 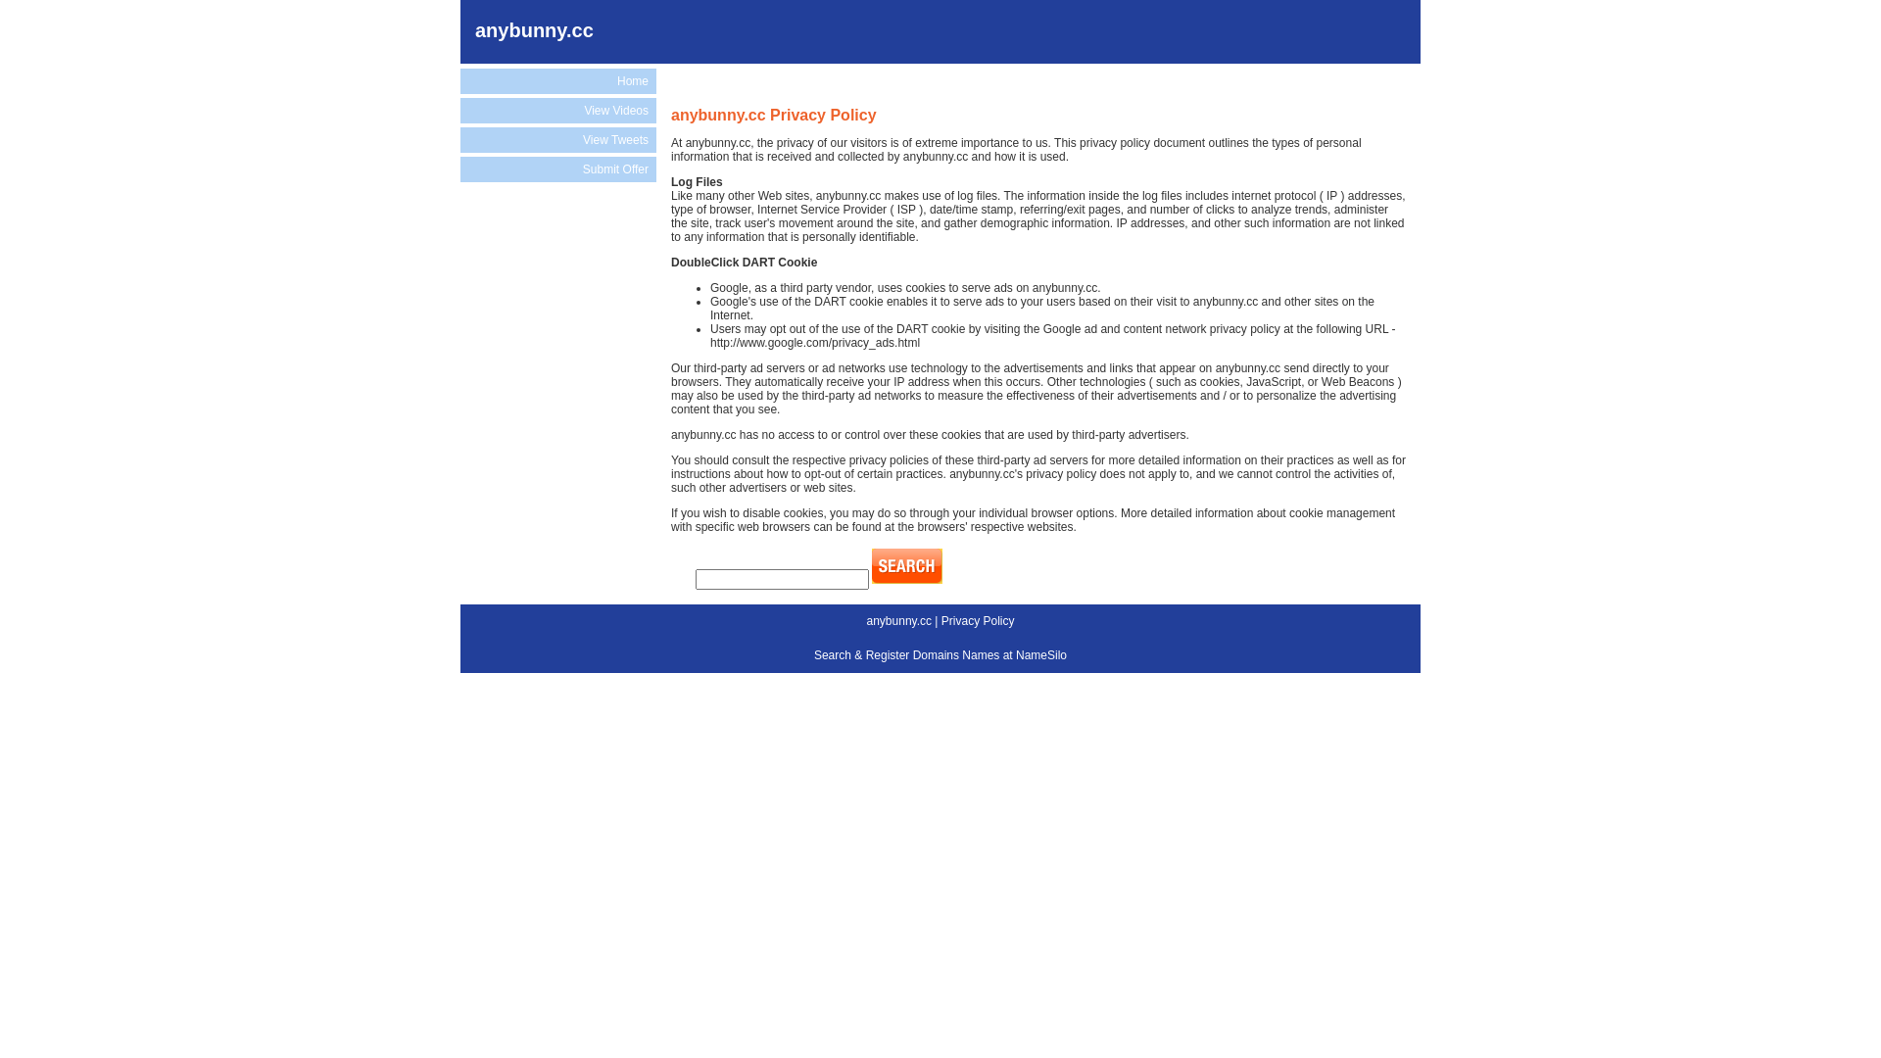 I want to click on 'View Tweets', so click(x=557, y=138).